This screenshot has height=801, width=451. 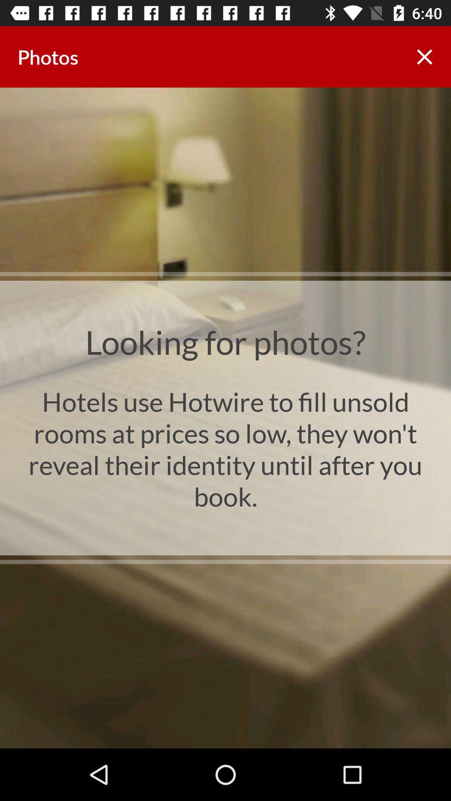 What do you see at coordinates (425, 56) in the screenshot?
I see `the item to the right of photos app` at bounding box center [425, 56].